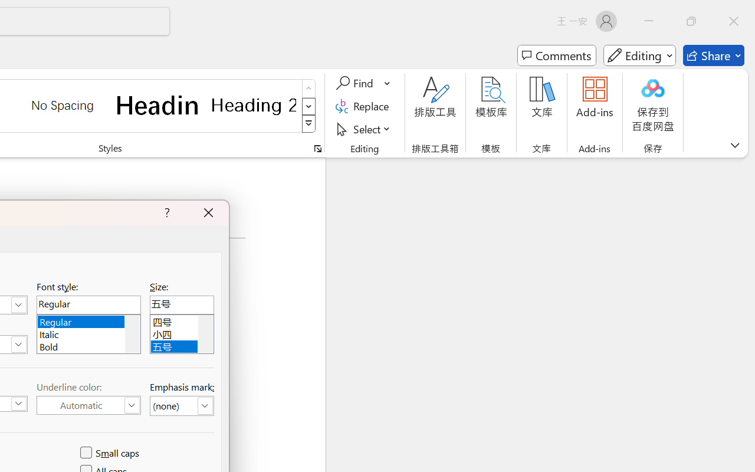  What do you see at coordinates (157, 104) in the screenshot?
I see `'Heading 1'` at bounding box center [157, 104].